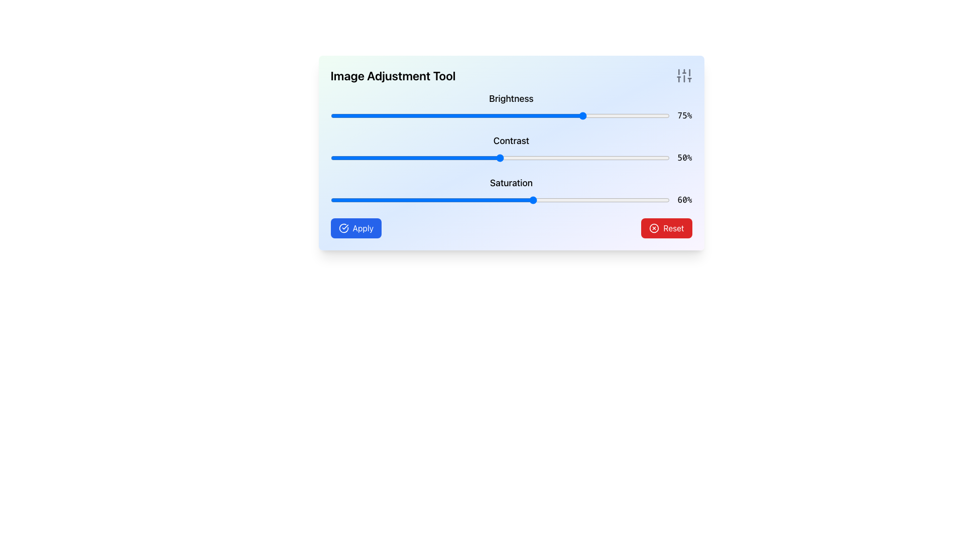 The height and width of the screenshot is (542, 964). What do you see at coordinates (684, 115) in the screenshot?
I see `the static text displaying '75%' which is positioned to the right of the brightness slider` at bounding box center [684, 115].